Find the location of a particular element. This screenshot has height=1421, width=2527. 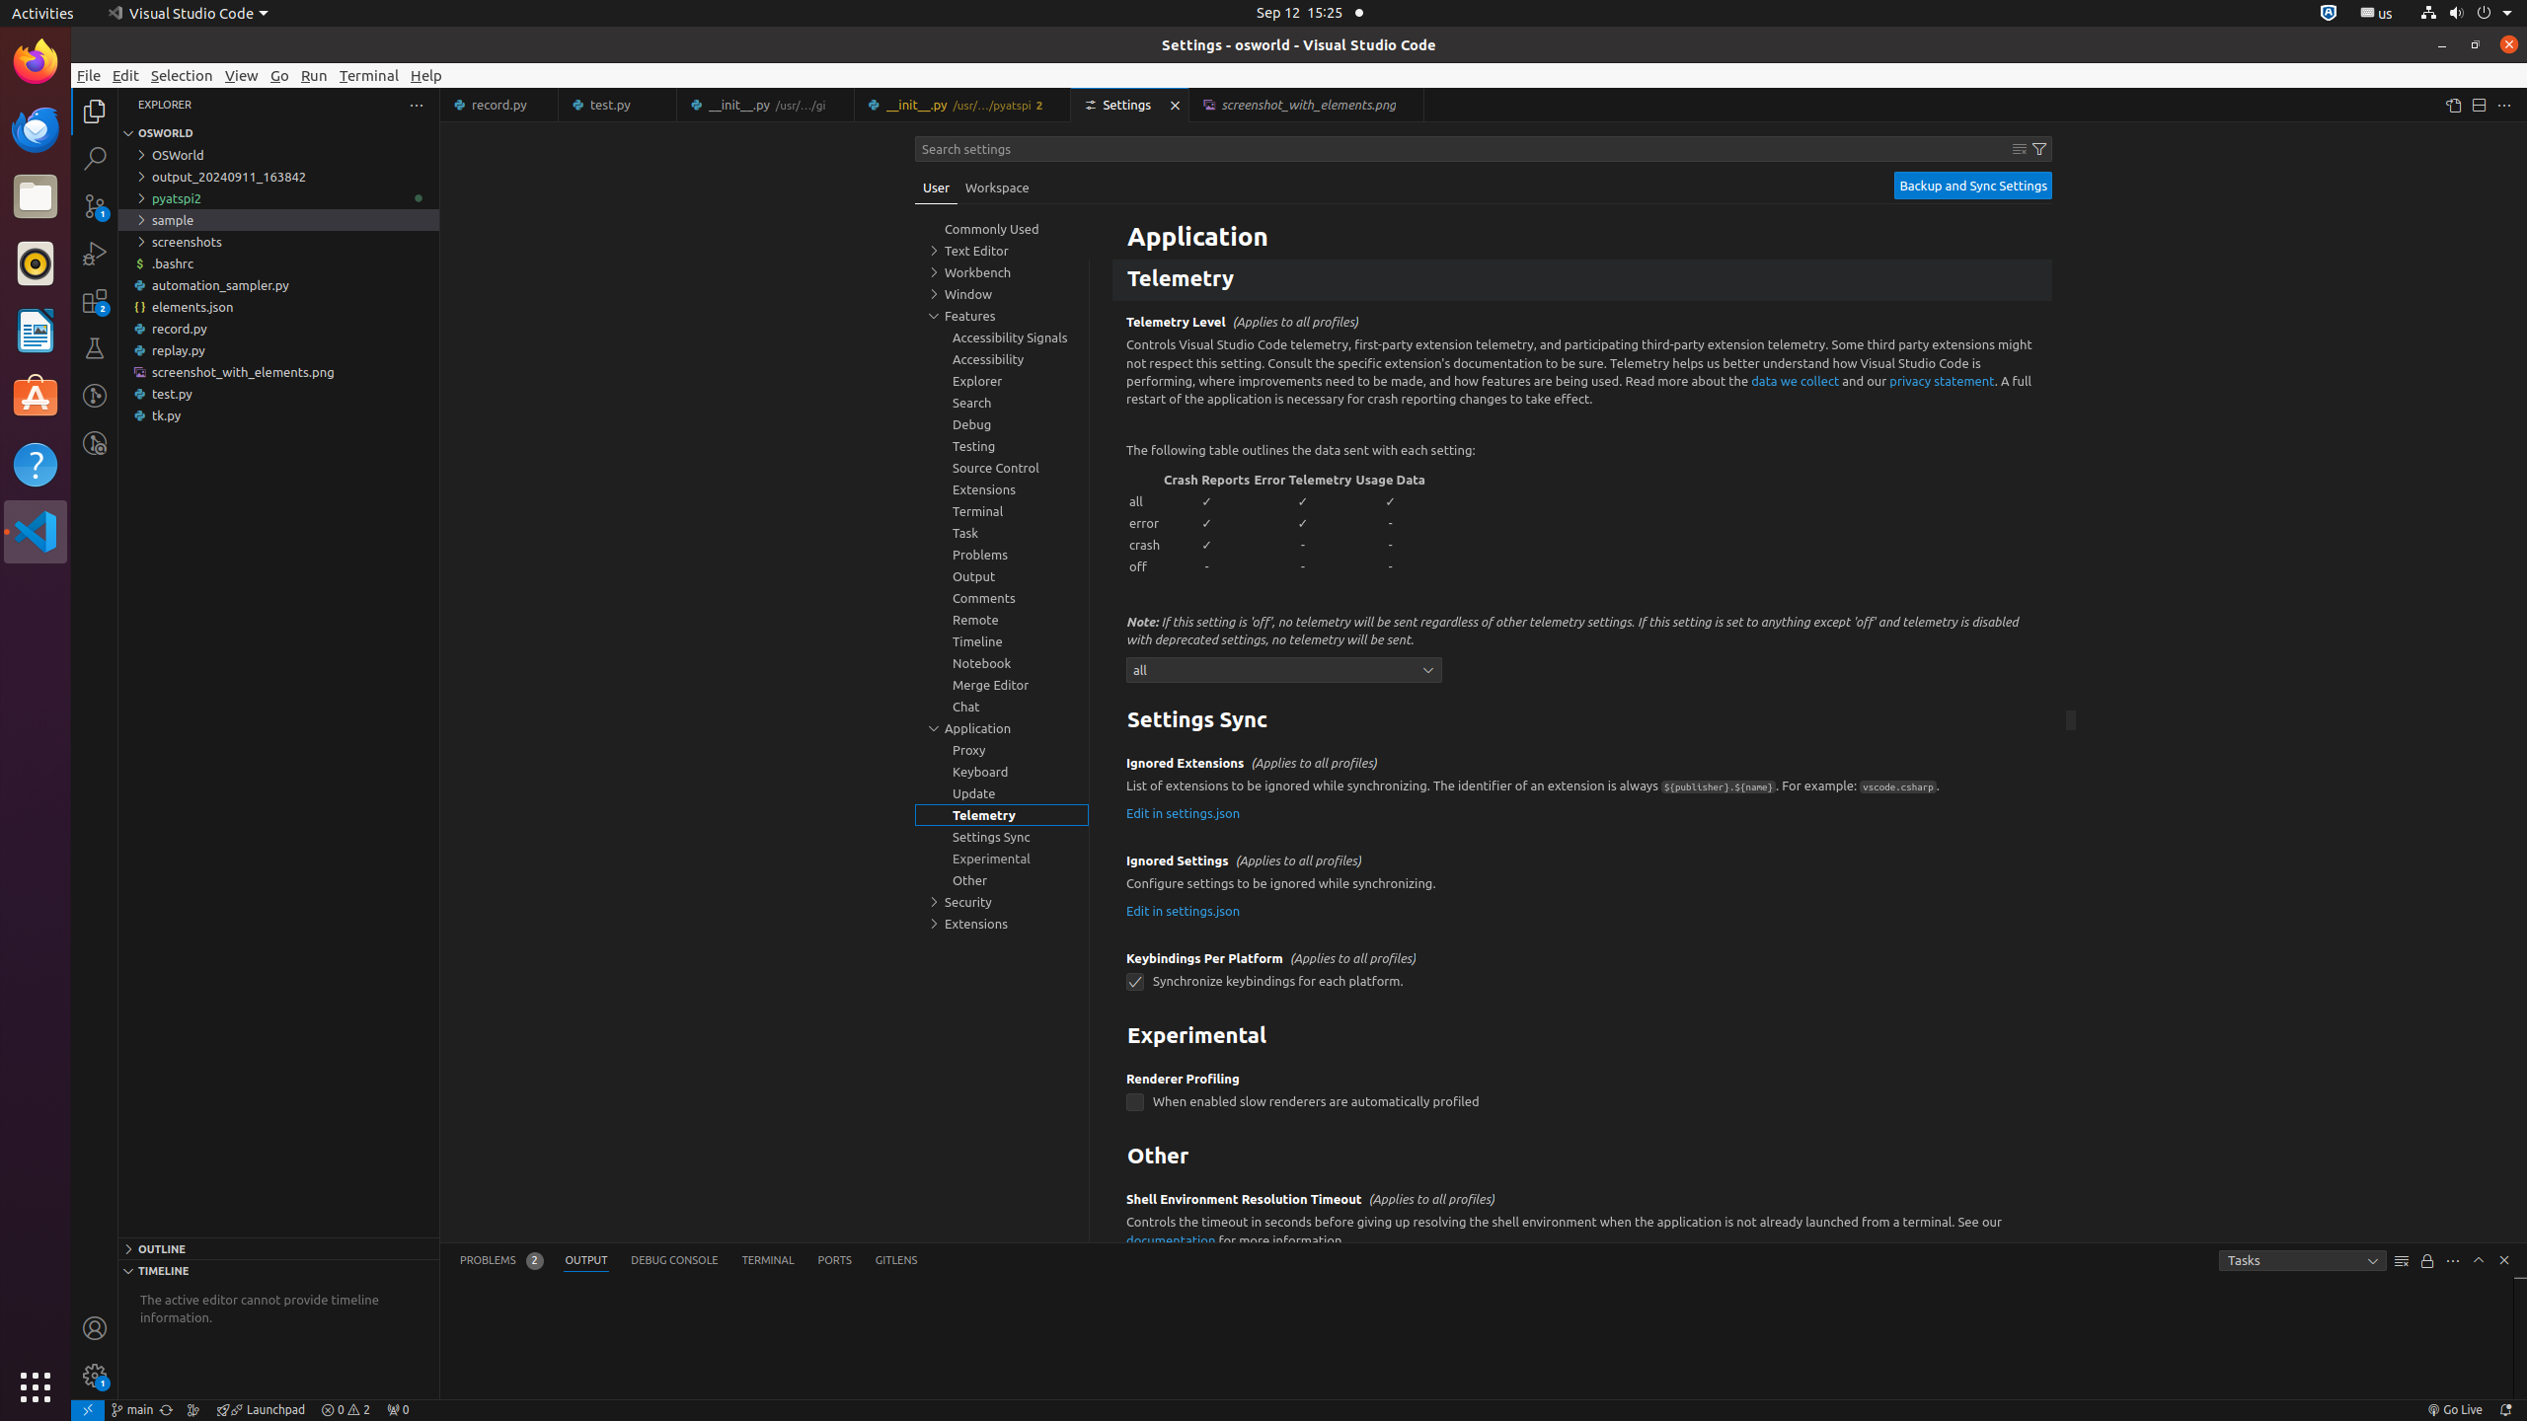

'Open Settings (JSON)' is located at coordinates (2451, 105).